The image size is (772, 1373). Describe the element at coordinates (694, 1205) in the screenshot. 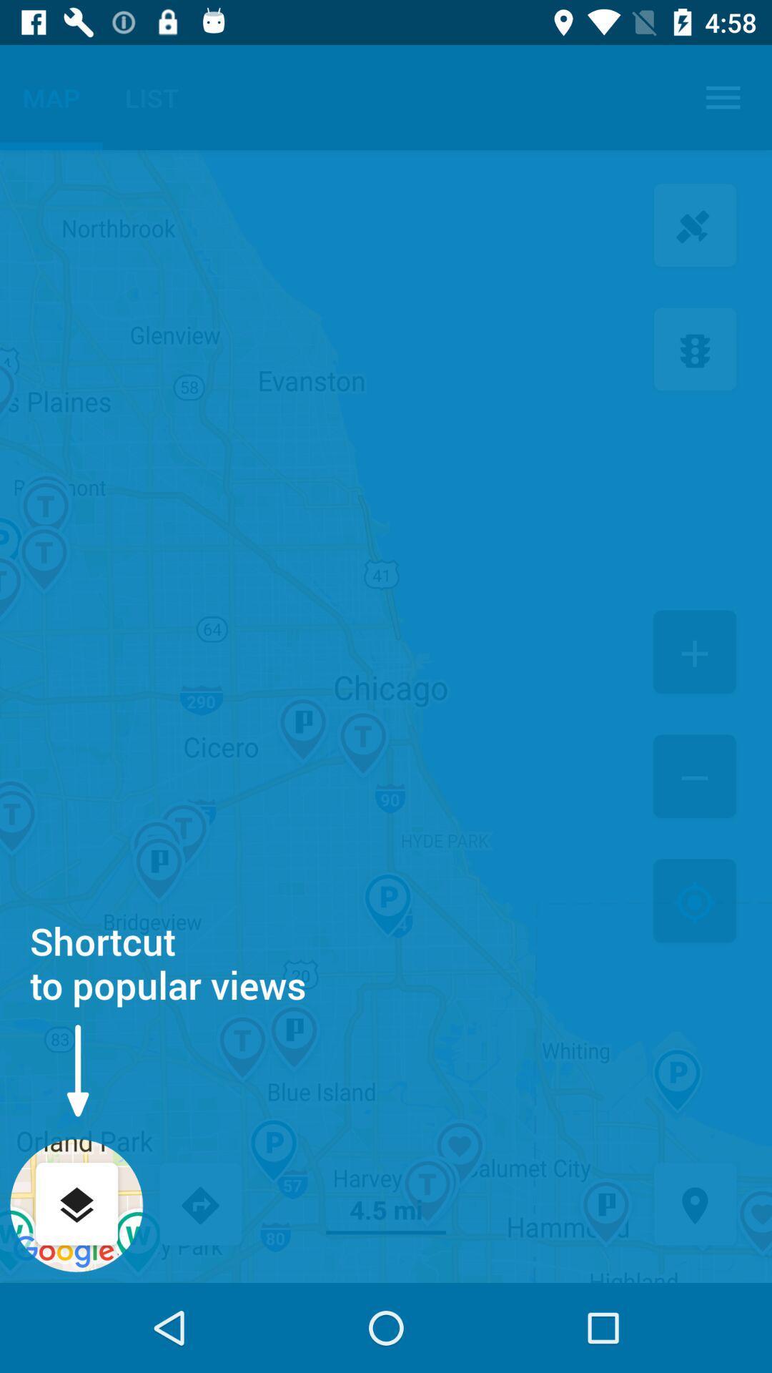

I see `the location icon` at that location.